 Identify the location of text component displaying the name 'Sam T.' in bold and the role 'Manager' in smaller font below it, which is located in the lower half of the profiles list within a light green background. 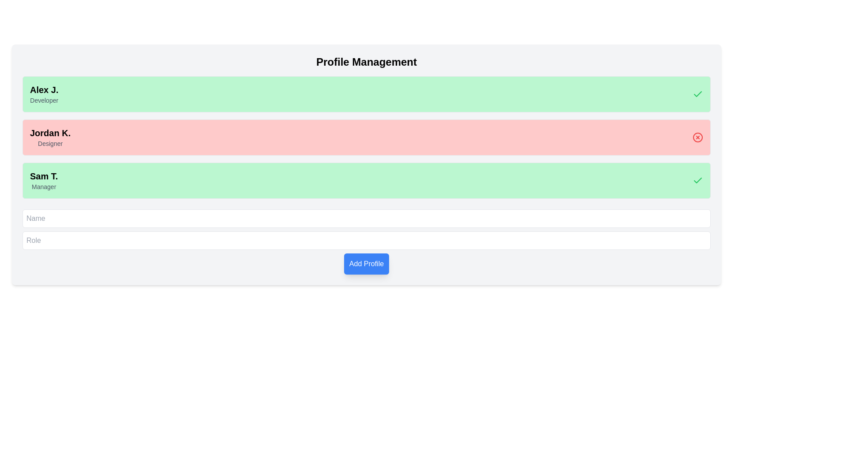
(43, 180).